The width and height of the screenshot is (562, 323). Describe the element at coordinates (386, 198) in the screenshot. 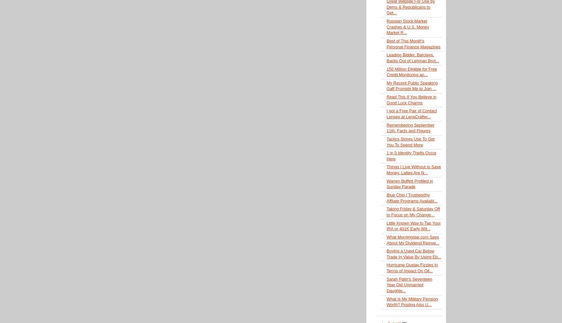

I see `'Blue Chip / Trustworthy Affliate Programs Availabl...'` at that location.